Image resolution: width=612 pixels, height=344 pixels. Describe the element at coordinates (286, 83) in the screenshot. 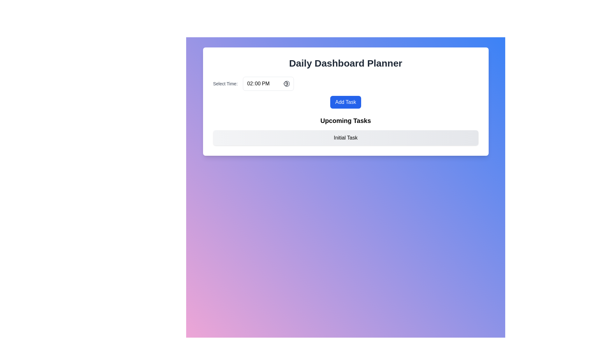

I see `the clock icon located to the right of the time input field displaying '02:00 PM'` at that location.